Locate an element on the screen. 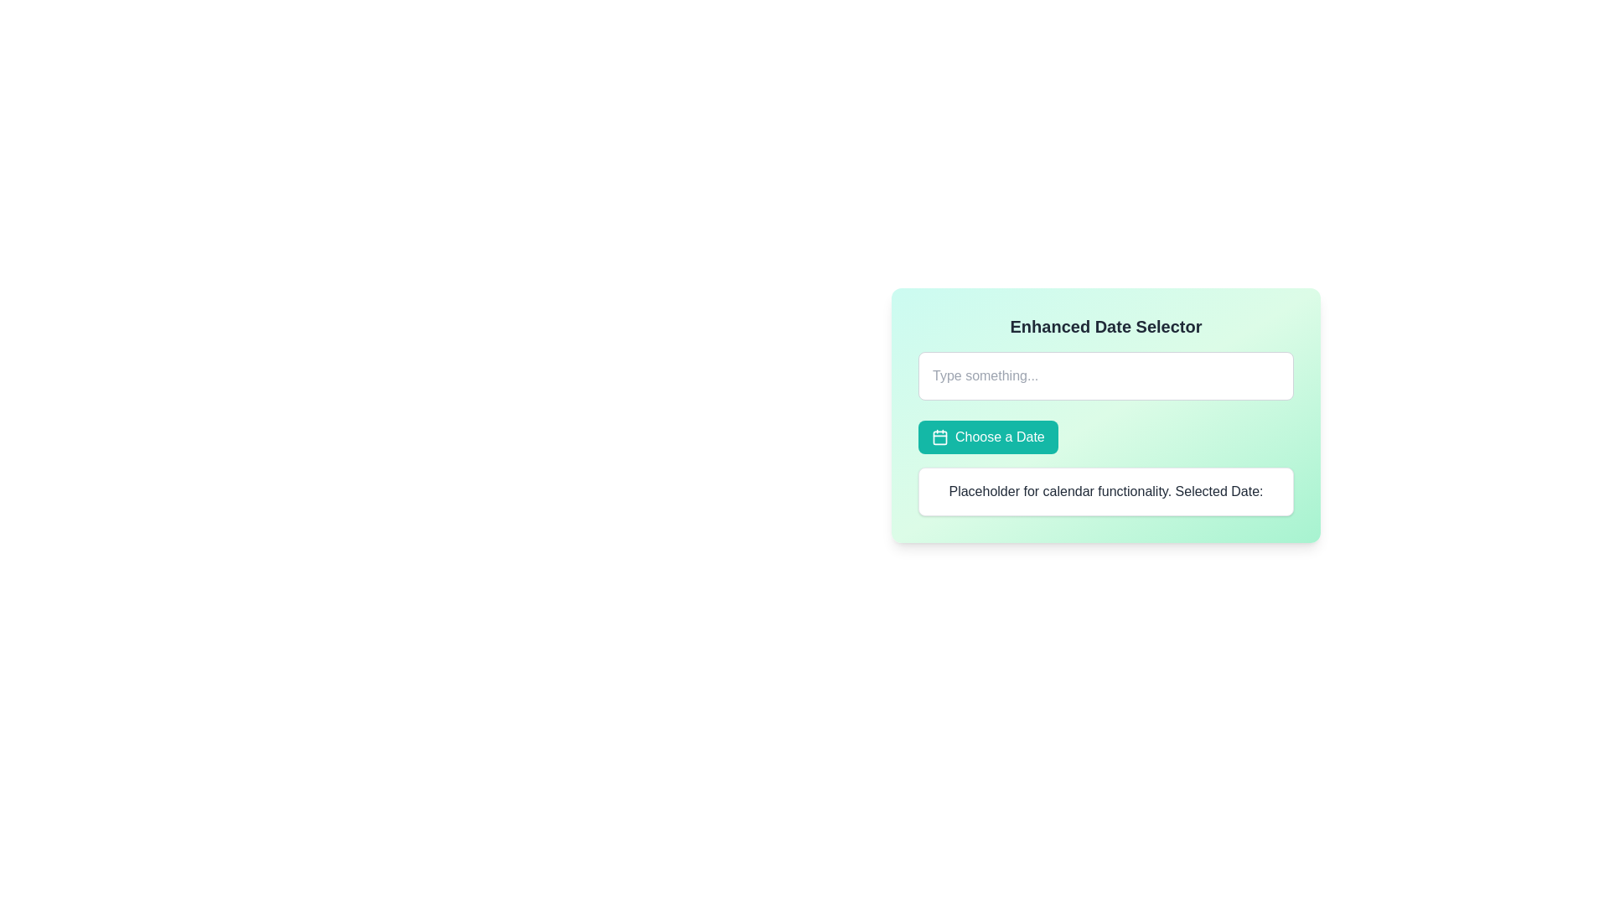 This screenshot has height=905, width=1609. the calendar icon with a teal background, which is centrally placed within the 'Choose a Date' button in the 'Enhanced Date Selector' section is located at coordinates (940, 436).